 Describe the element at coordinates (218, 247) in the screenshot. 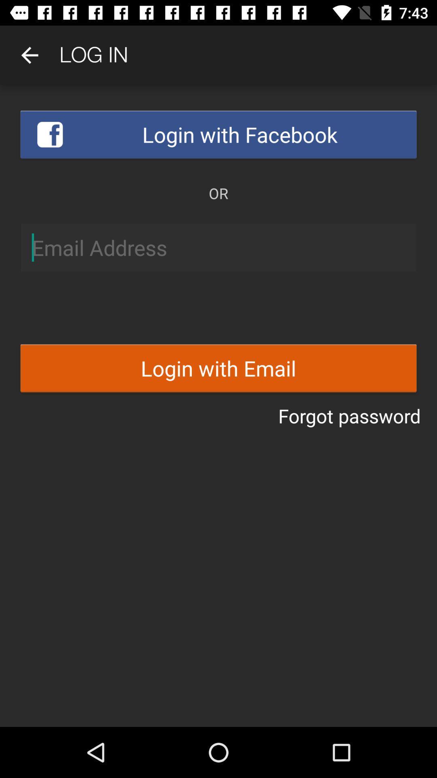

I see `bar to enter email` at that location.